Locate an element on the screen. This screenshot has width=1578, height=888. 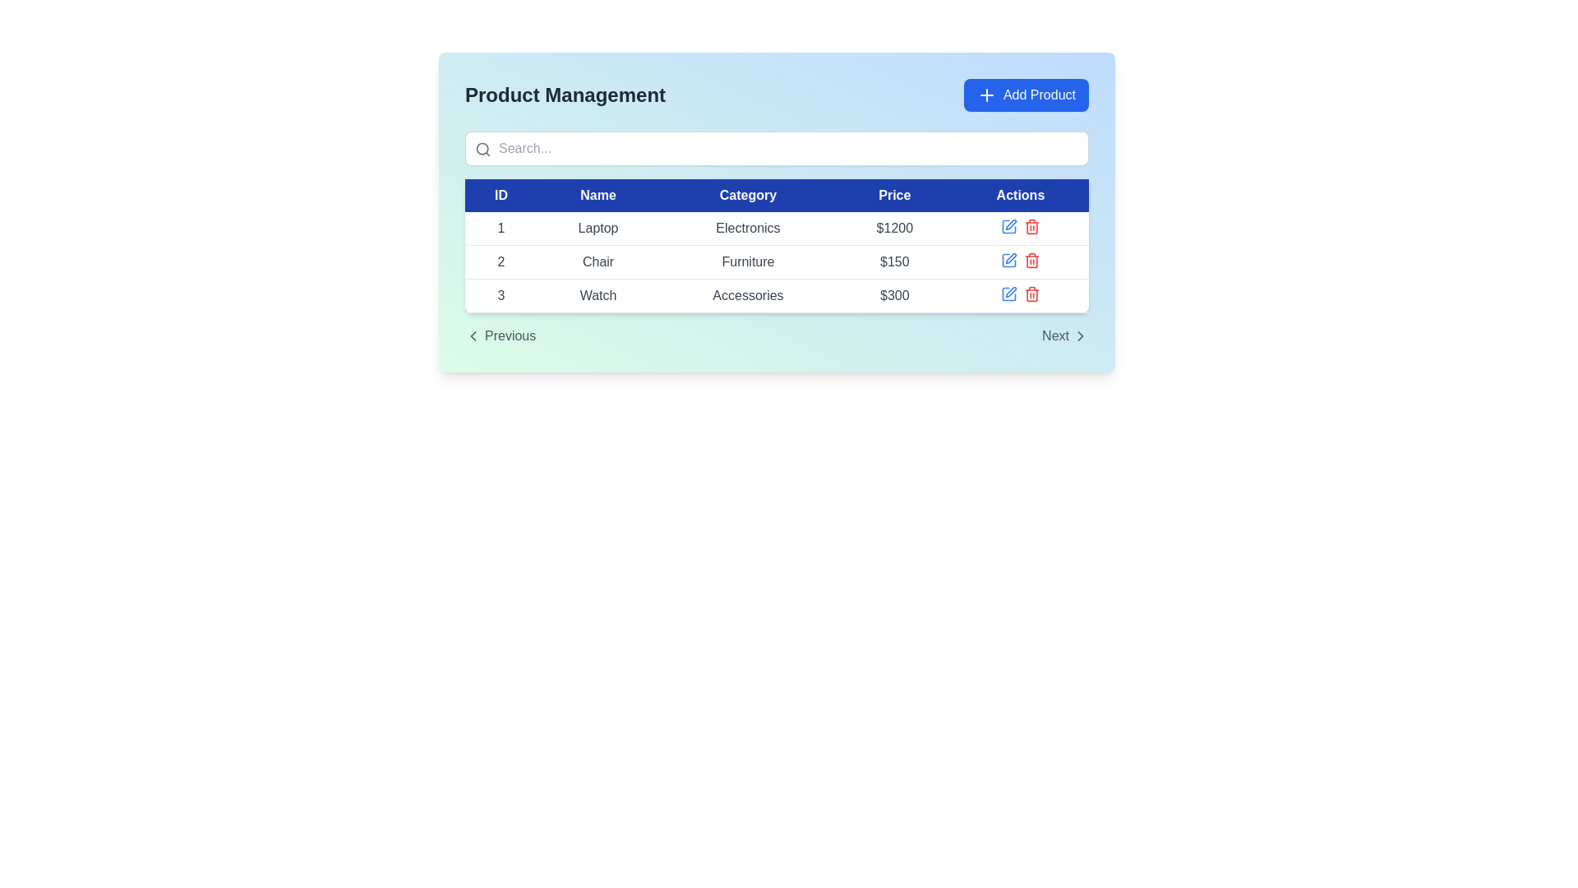
the header text element reading 'Product Management', which is styled in bold, large dark gray font and located at the top-left of a section containing a data table is located at coordinates (565, 95).